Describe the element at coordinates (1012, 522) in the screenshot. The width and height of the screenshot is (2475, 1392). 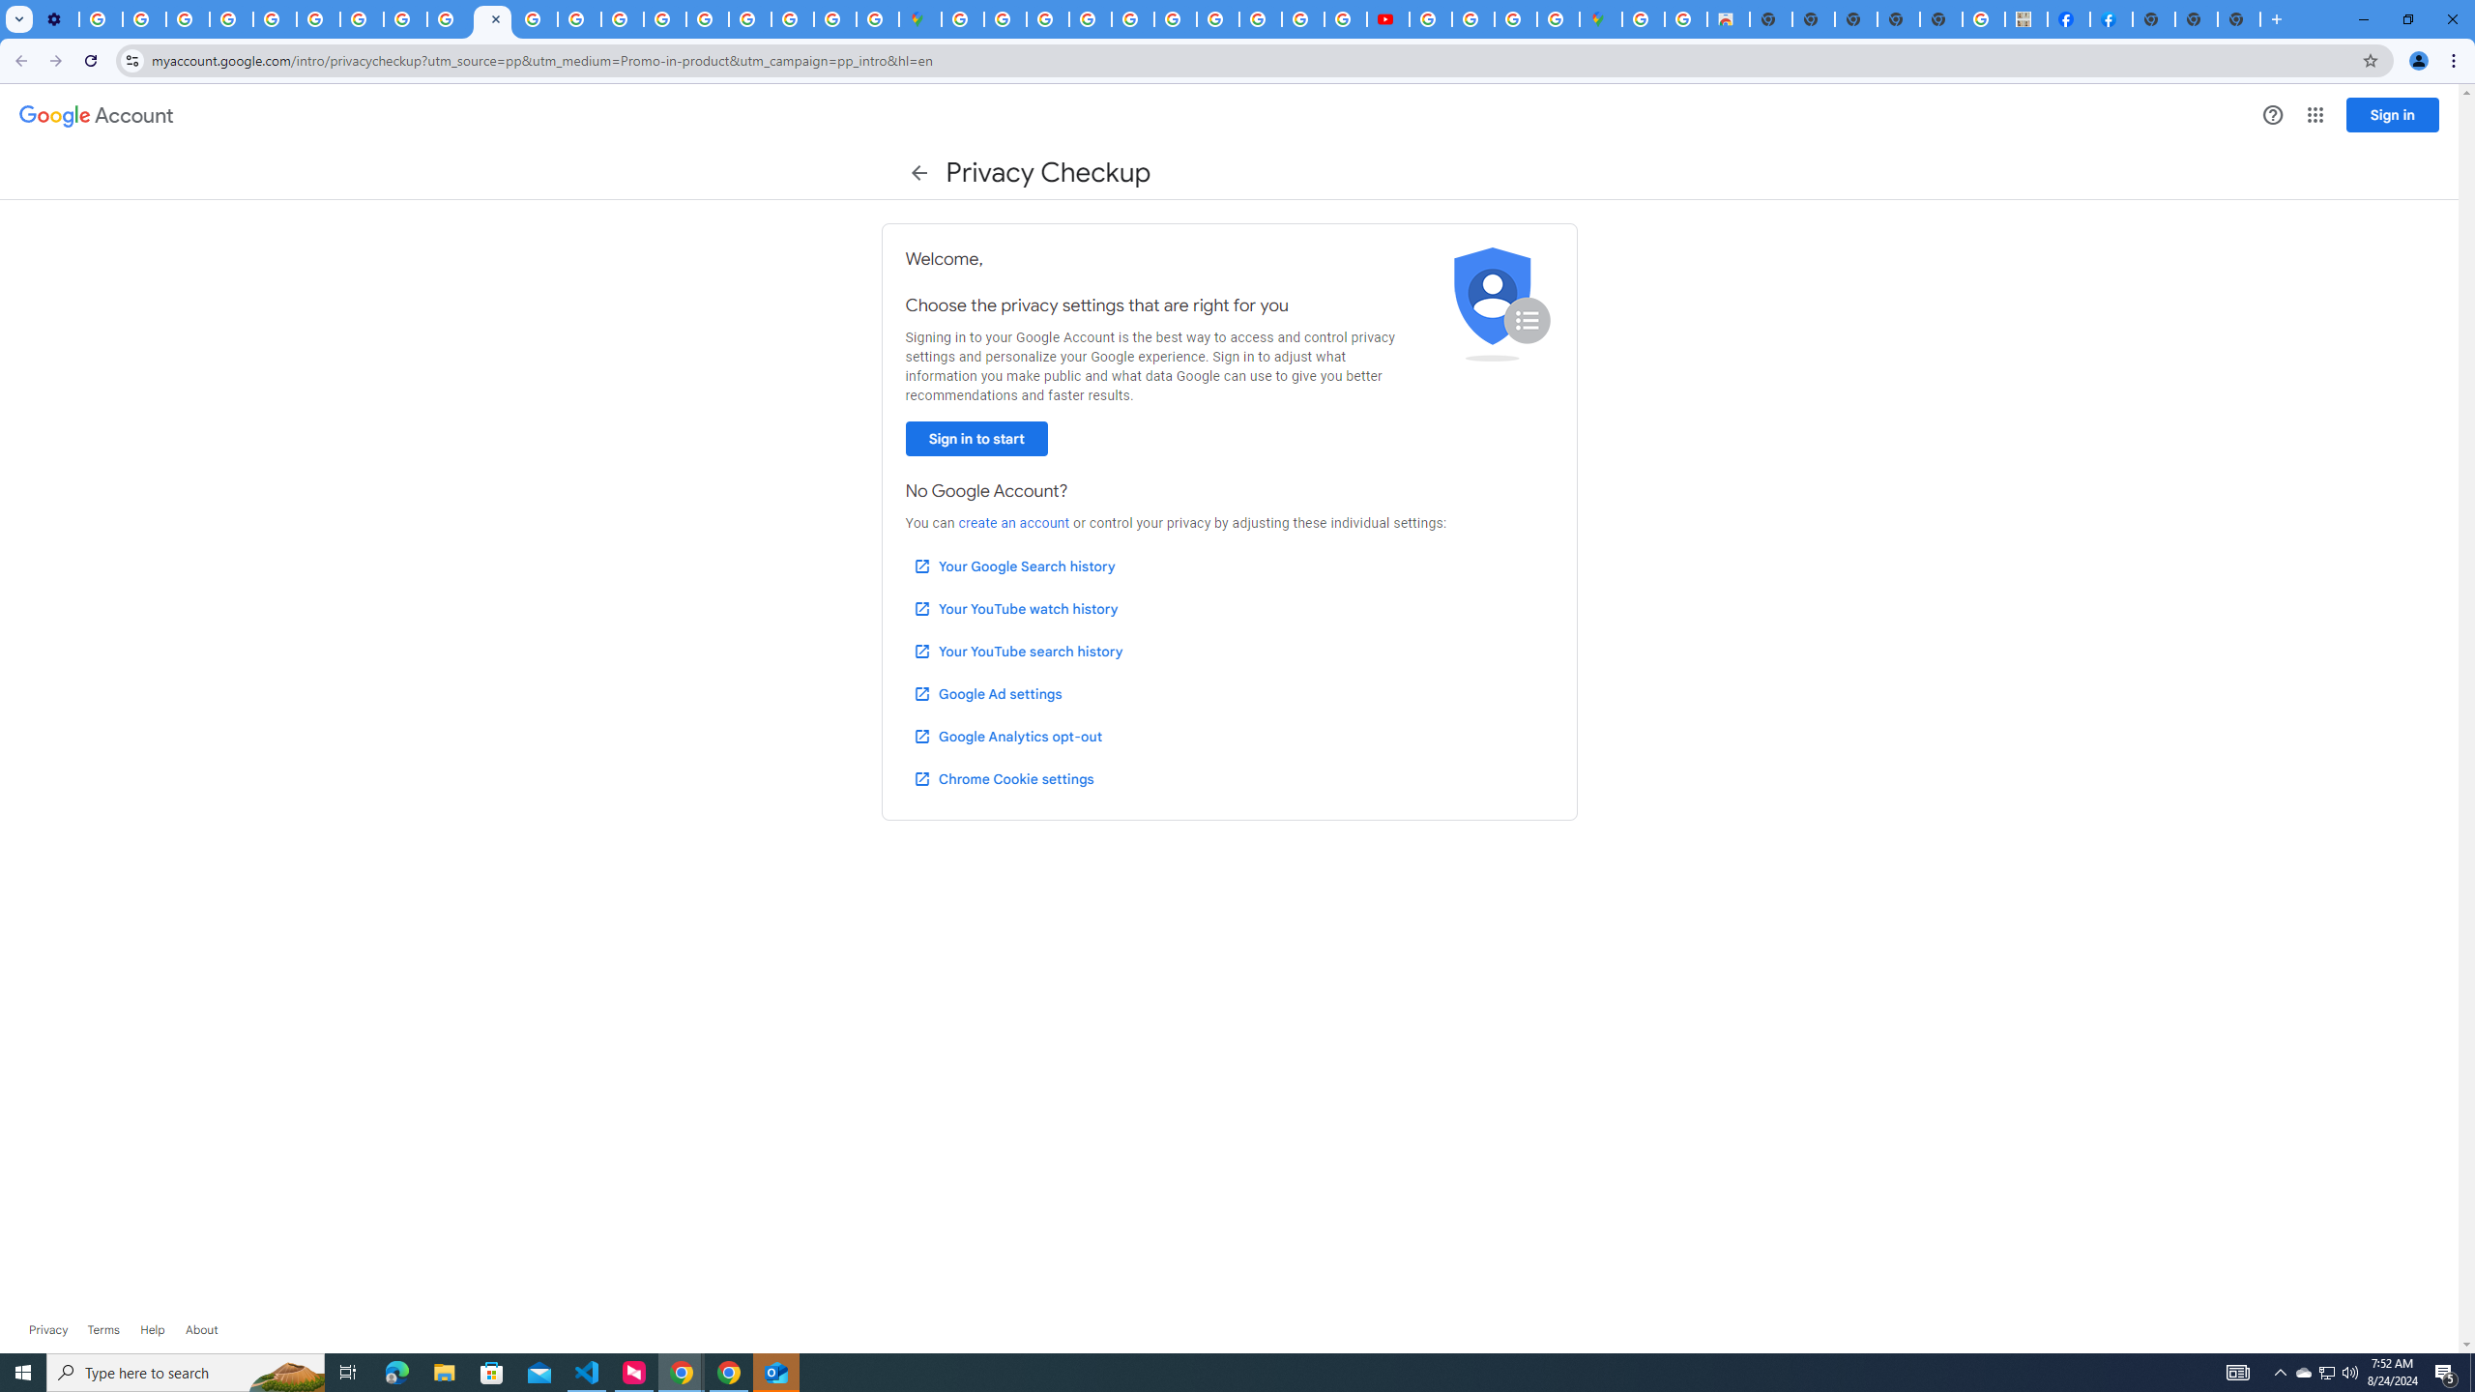
I see `'create an account'` at that location.